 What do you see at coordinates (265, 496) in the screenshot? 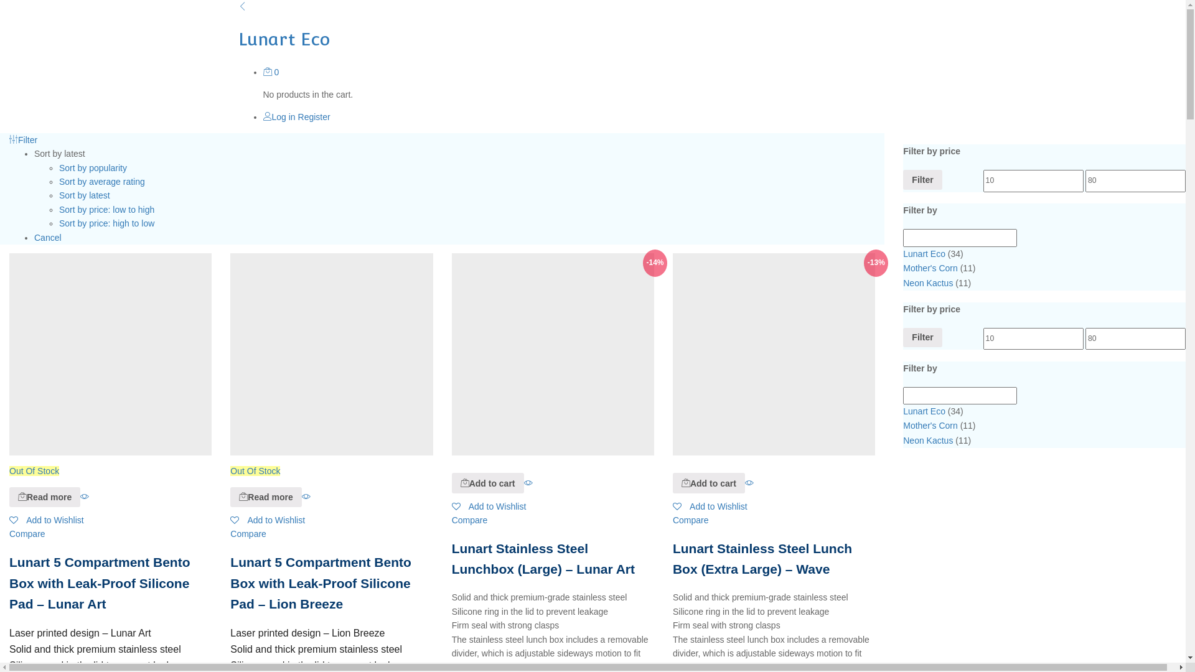
I see `'Read more'` at bounding box center [265, 496].